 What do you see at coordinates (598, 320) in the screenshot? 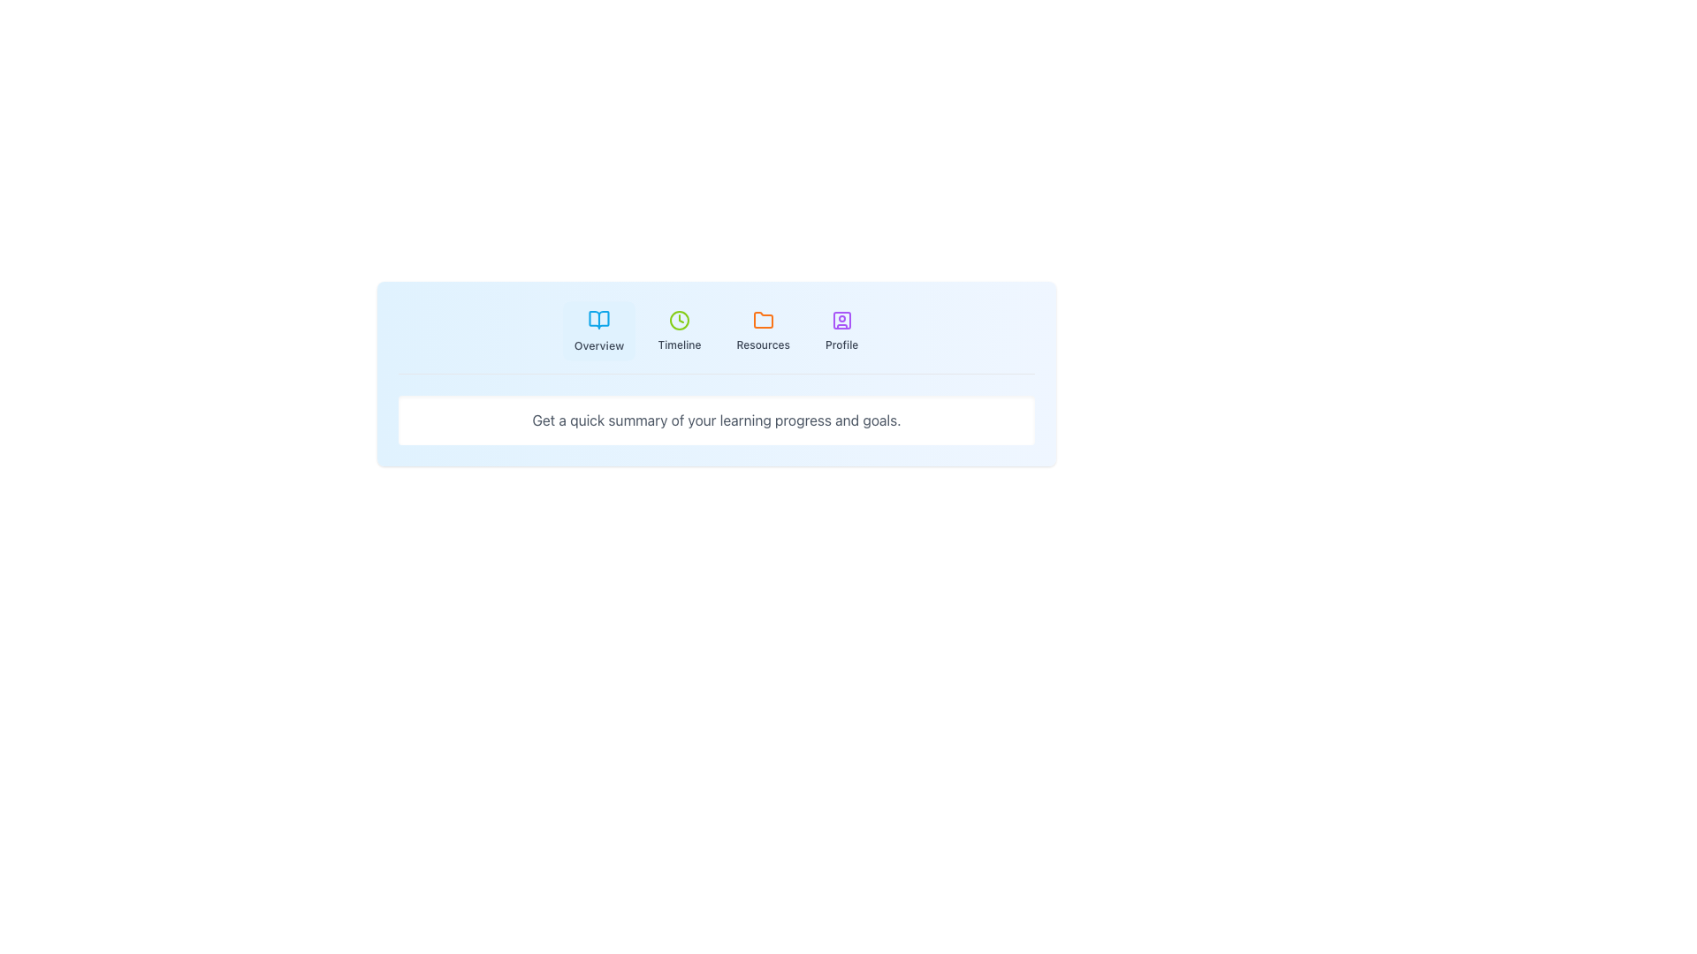
I see `the book icon, which is a sky-blue vector graphic located at the top-left part of the interface, left of the 'Timeline' section and above the 'Overview' label` at bounding box center [598, 320].